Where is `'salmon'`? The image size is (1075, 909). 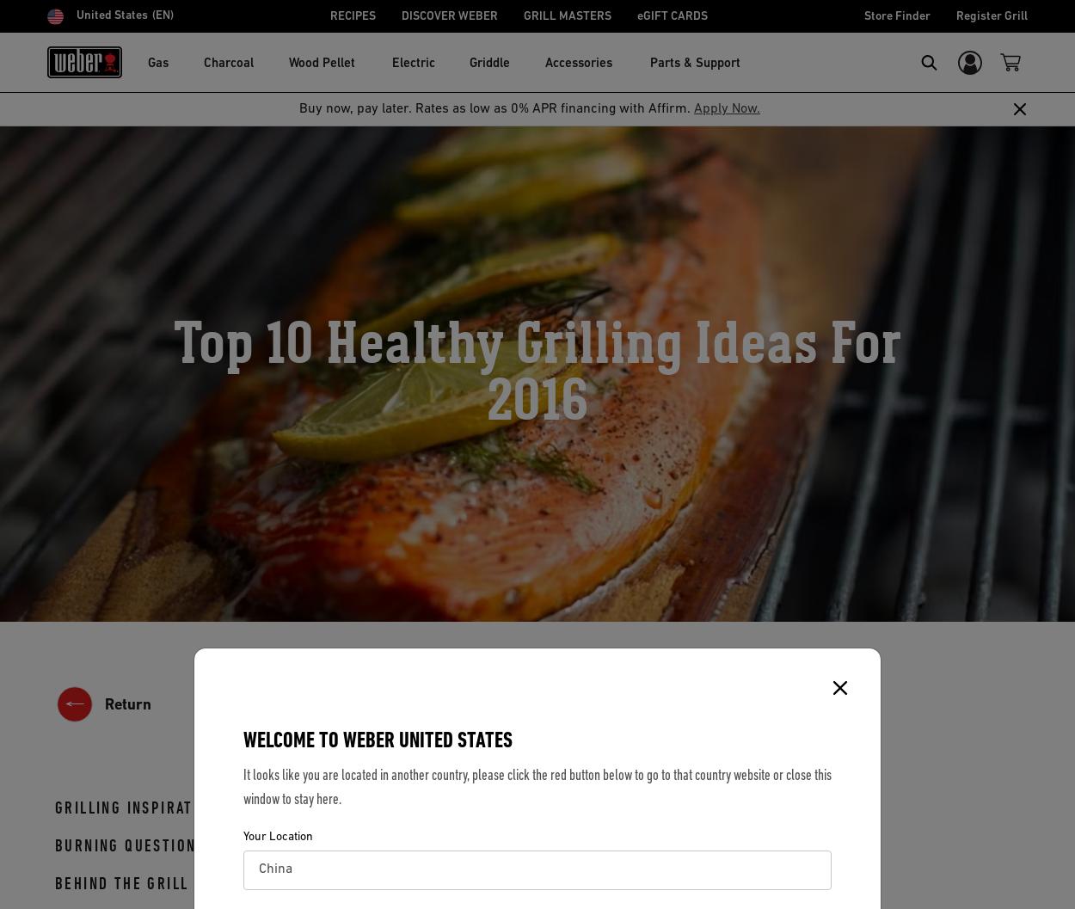 'salmon' is located at coordinates (482, 872).